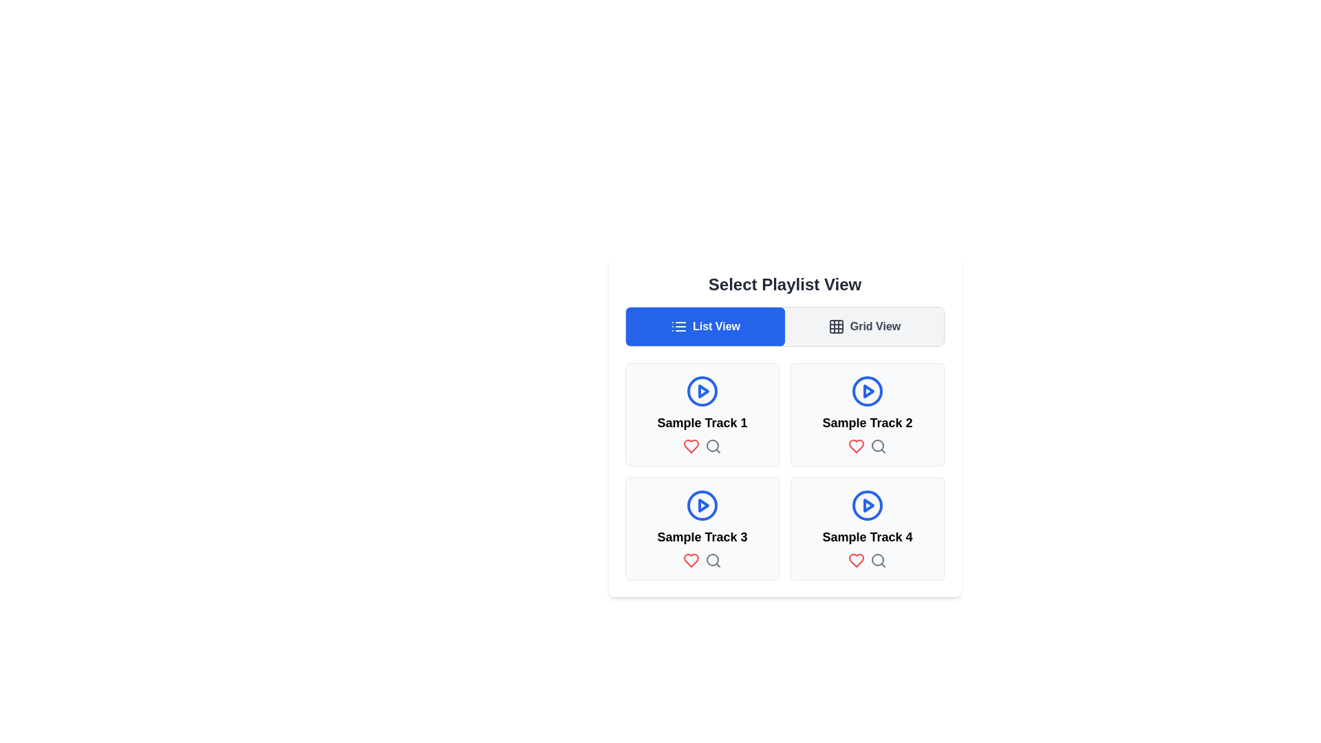 The image size is (1321, 743). I want to click on the Icon Button located below the 'Sample Track 4' label to favorite the track, so click(855, 560).